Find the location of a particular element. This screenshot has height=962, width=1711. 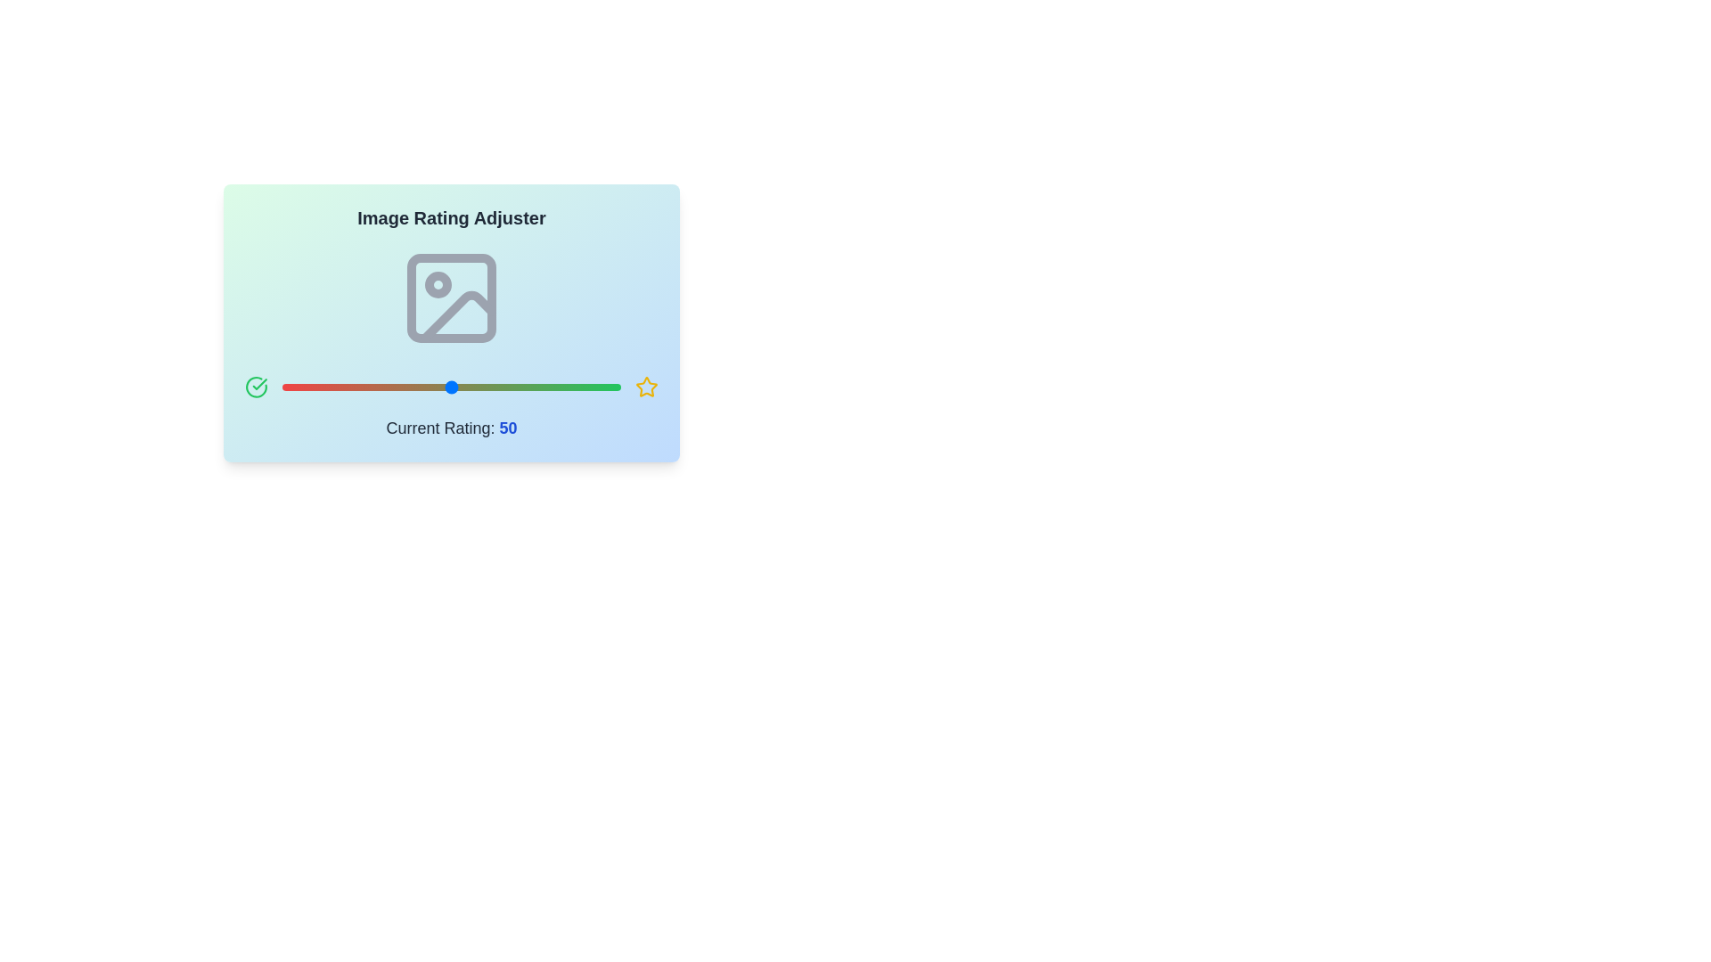

the slider to set the rating to 74 is located at coordinates (531, 387).